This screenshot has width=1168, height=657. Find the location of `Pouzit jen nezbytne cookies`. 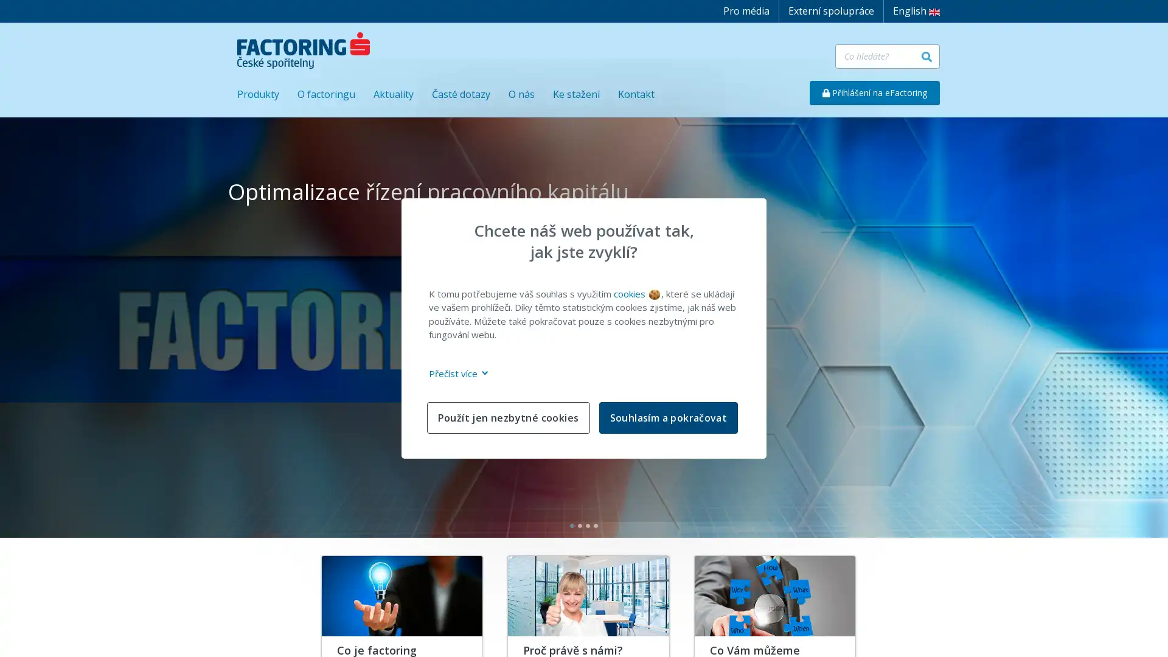

Pouzit jen nezbytne cookies is located at coordinates (508, 417).